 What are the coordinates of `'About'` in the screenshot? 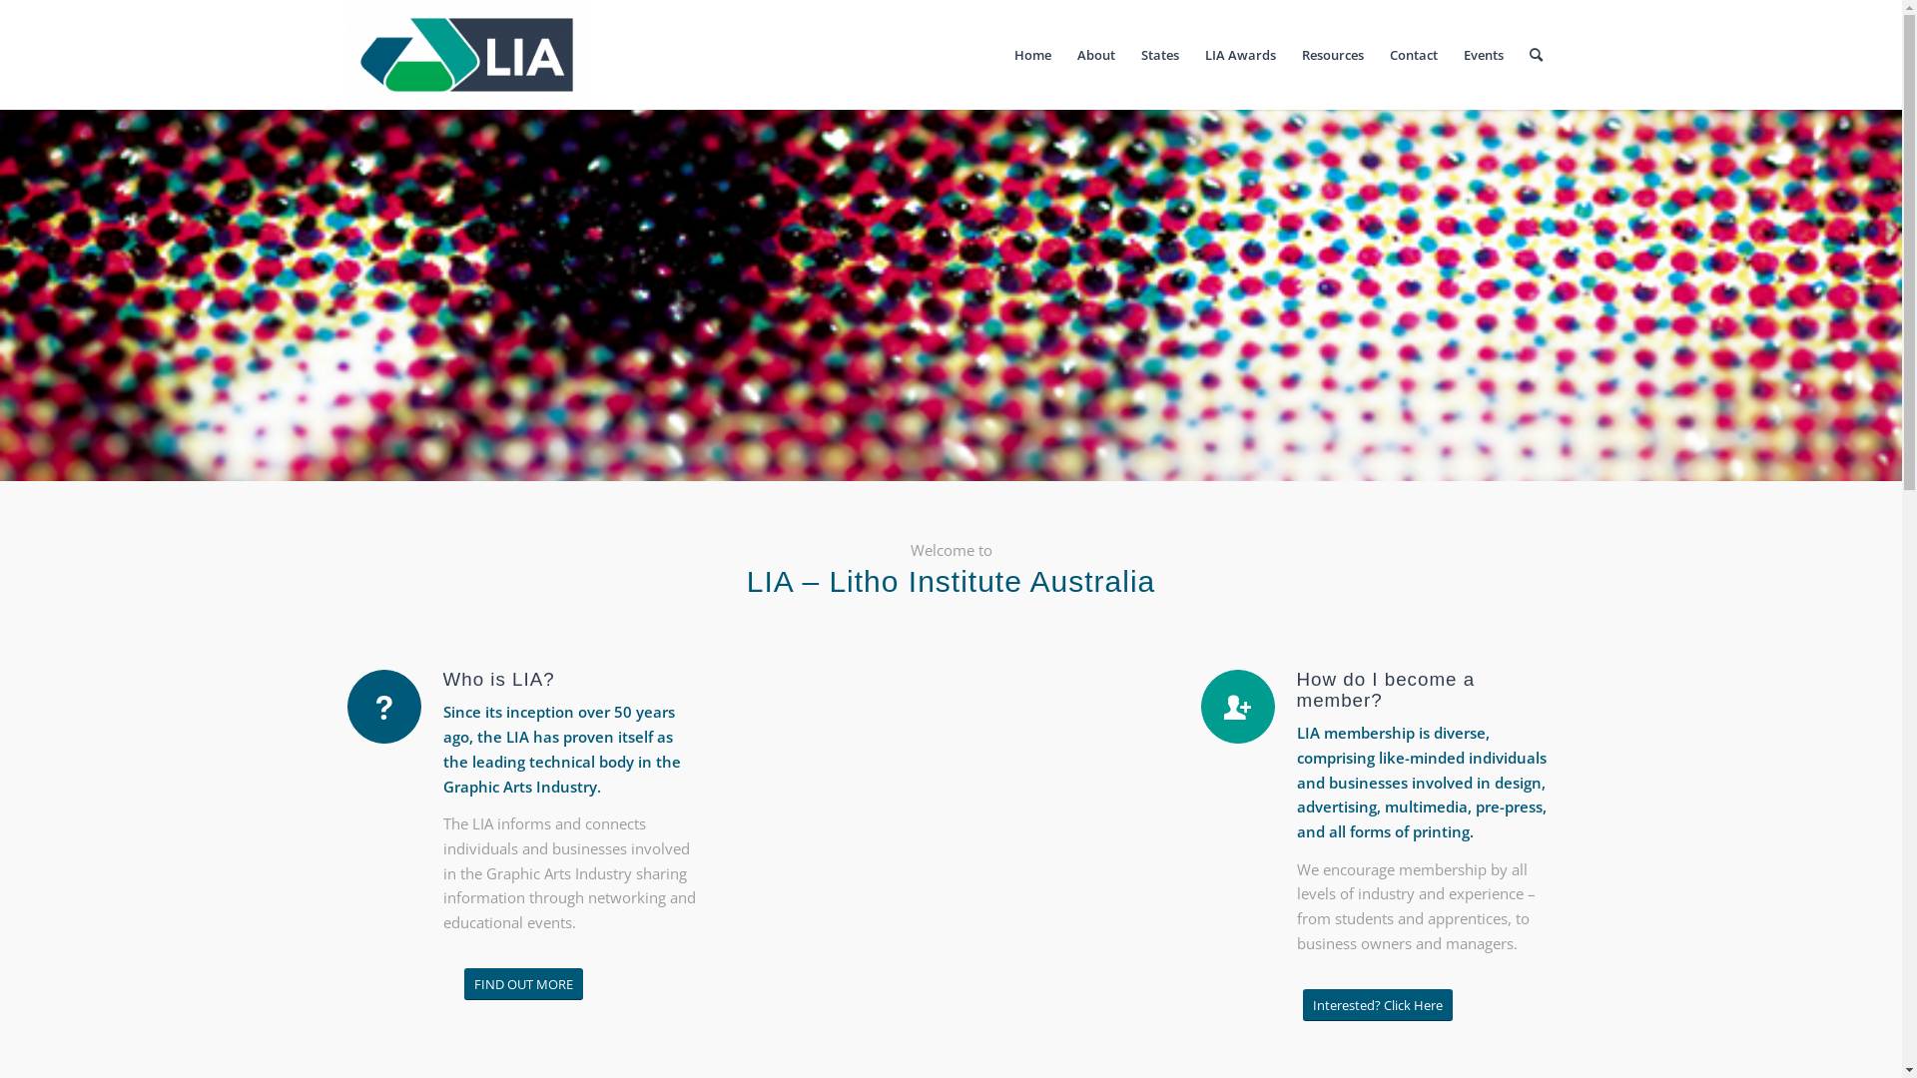 It's located at (1095, 53).